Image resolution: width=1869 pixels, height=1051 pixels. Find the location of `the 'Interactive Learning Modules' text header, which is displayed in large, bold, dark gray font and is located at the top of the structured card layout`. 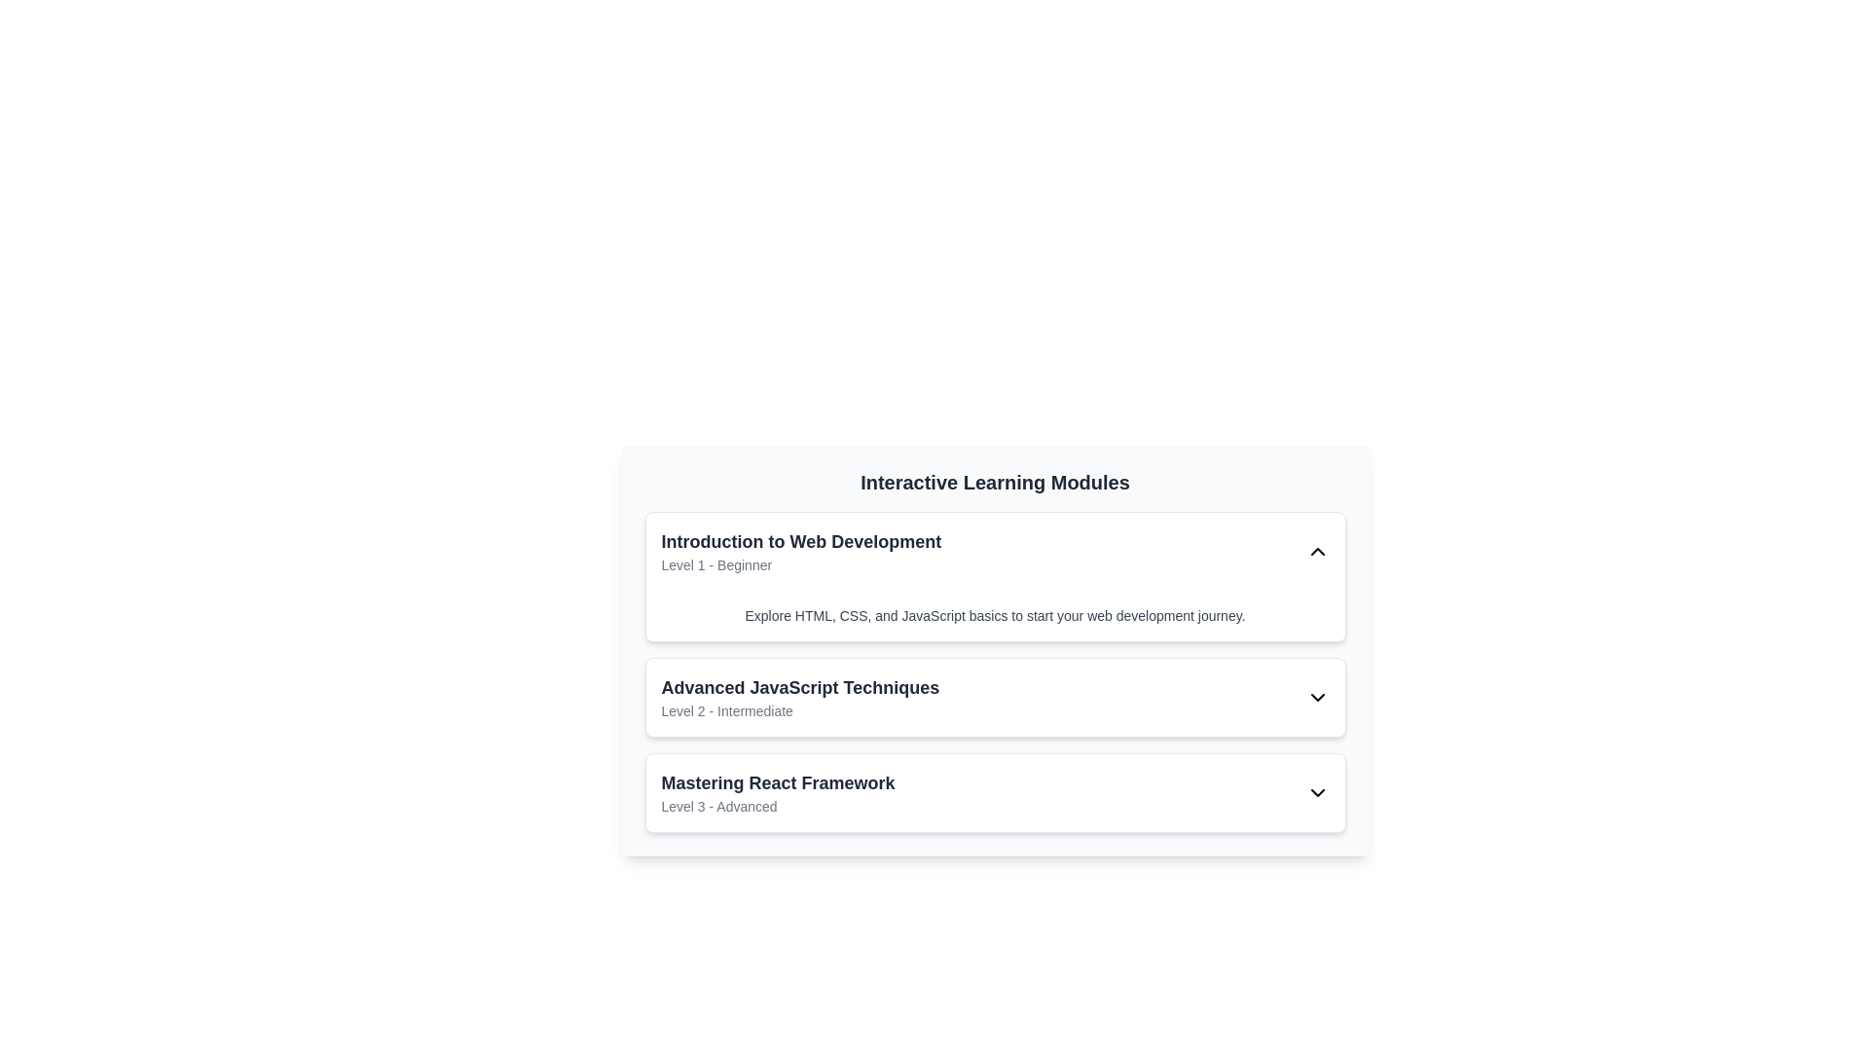

the 'Interactive Learning Modules' text header, which is displayed in large, bold, dark gray font and is located at the top of the structured card layout is located at coordinates (995, 482).